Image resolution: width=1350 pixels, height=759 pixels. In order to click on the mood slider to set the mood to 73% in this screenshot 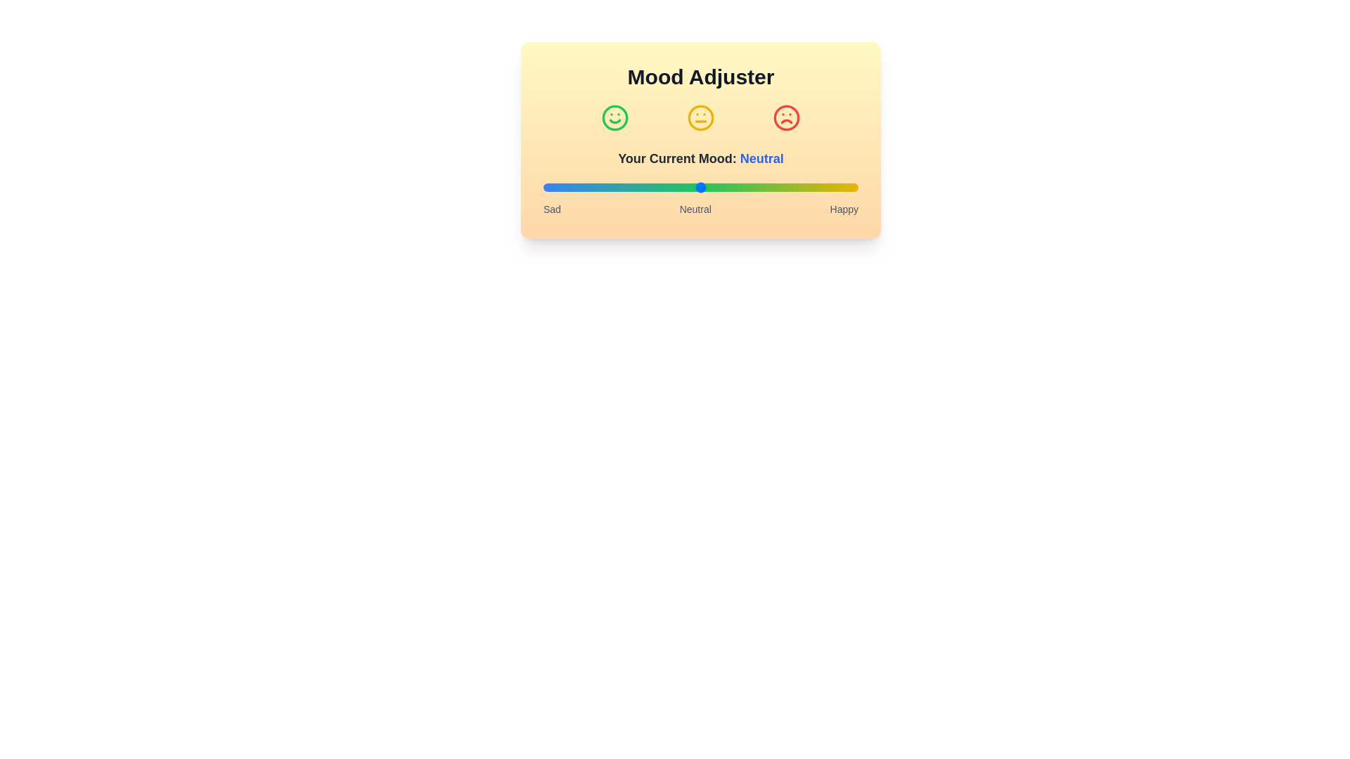, I will do `click(772, 186)`.